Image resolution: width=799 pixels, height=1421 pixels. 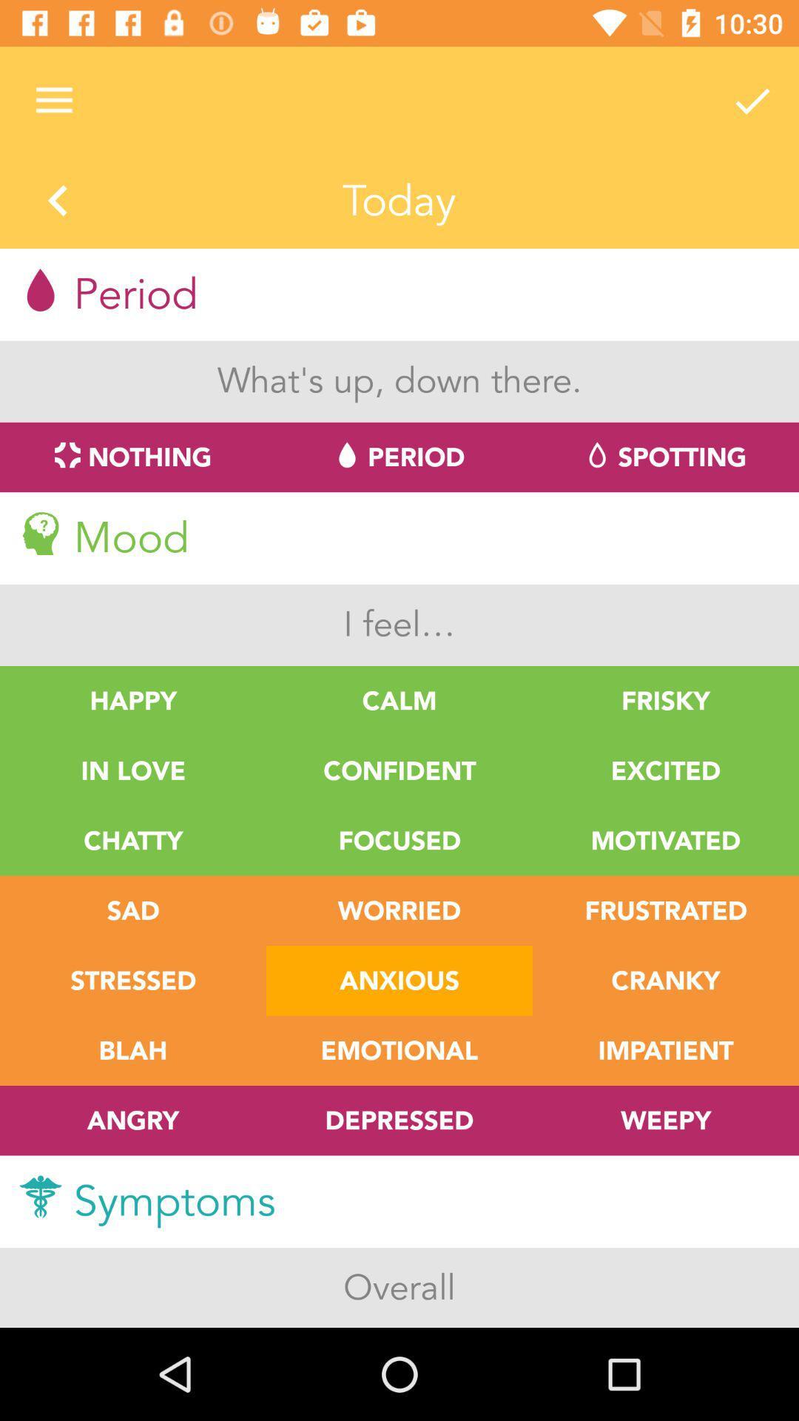 I want to click on the text right to blah, so click(x=399, y=1050).